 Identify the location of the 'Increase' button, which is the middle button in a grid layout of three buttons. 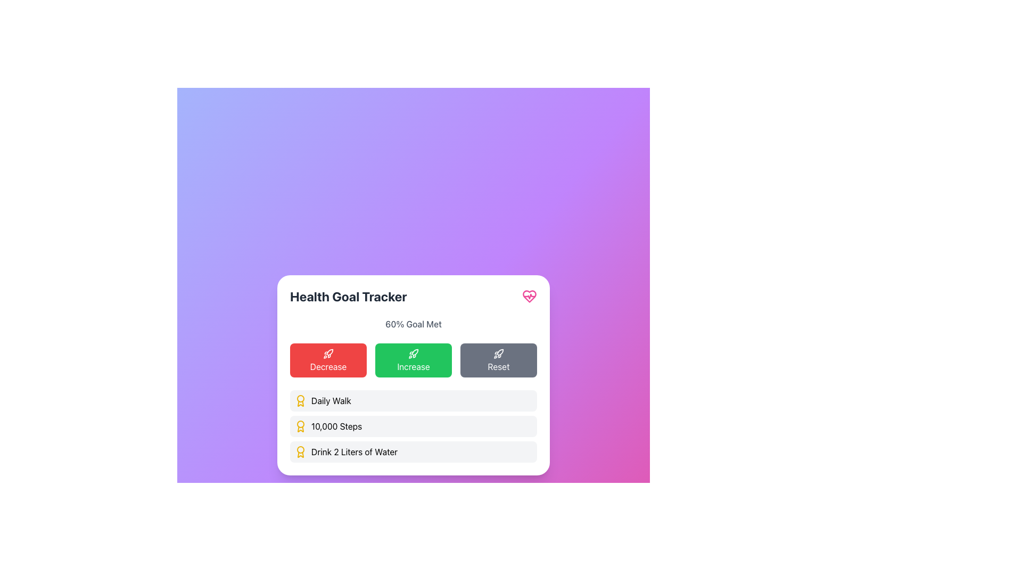
(413, 360).